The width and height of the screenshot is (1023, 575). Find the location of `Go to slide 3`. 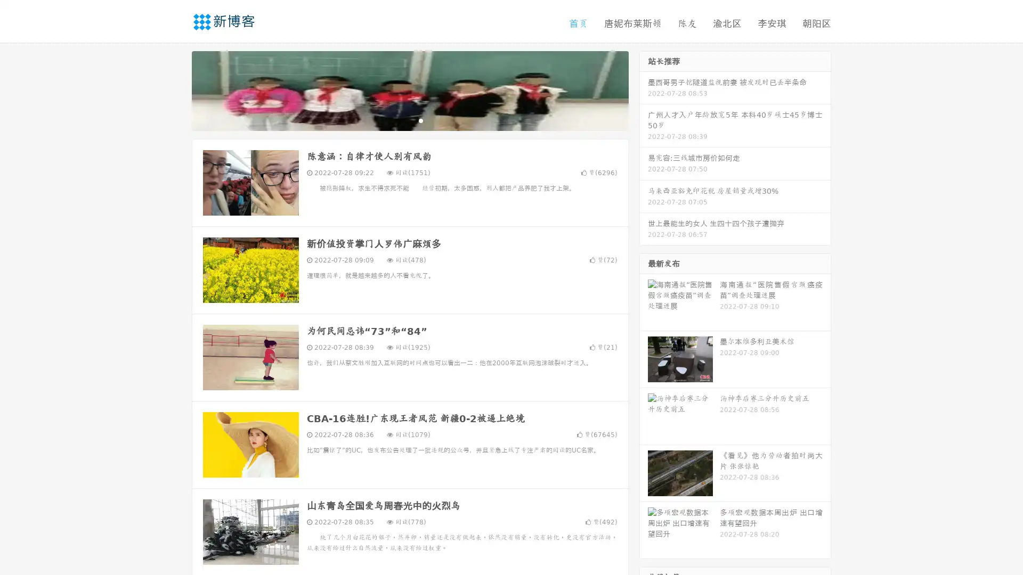

Go to slide 3 is located at coordinates (420, 120).